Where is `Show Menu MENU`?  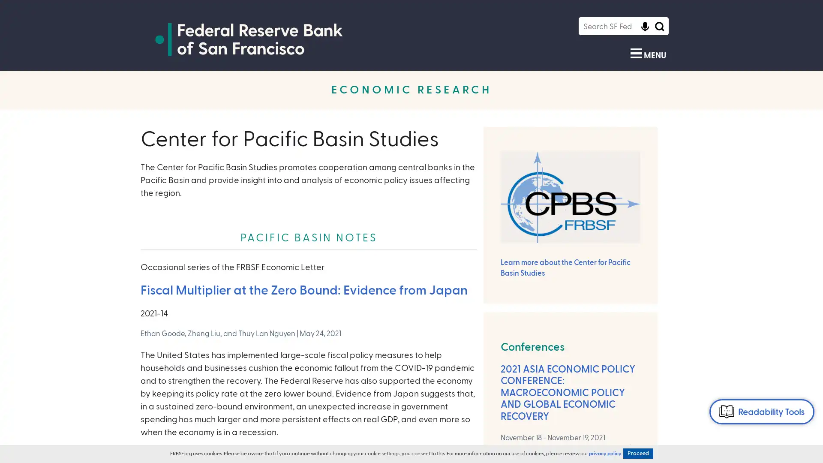 Show Menu MENU is located at coordinates (647, 54).